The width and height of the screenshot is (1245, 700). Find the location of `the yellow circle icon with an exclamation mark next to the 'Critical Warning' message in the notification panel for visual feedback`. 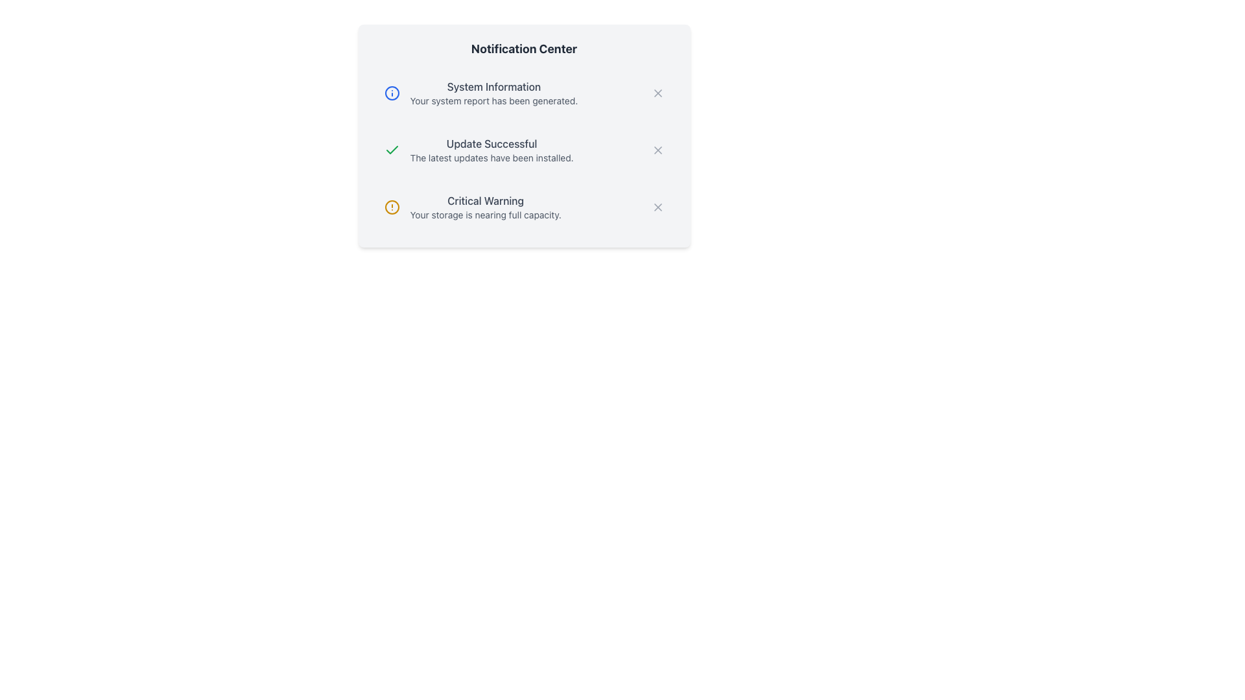

the yellow circle icon with an exclamation mark next to the 'Critical Warning' message in the notification panel for visual feedback is located at coordinates (391, 207).